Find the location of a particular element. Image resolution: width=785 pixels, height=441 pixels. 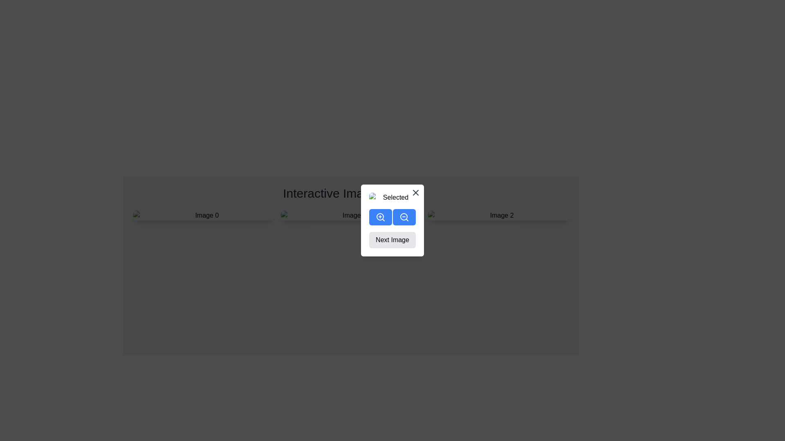

the magnifying glass icon with a '+' symbol is located at coordinates (380, 217).